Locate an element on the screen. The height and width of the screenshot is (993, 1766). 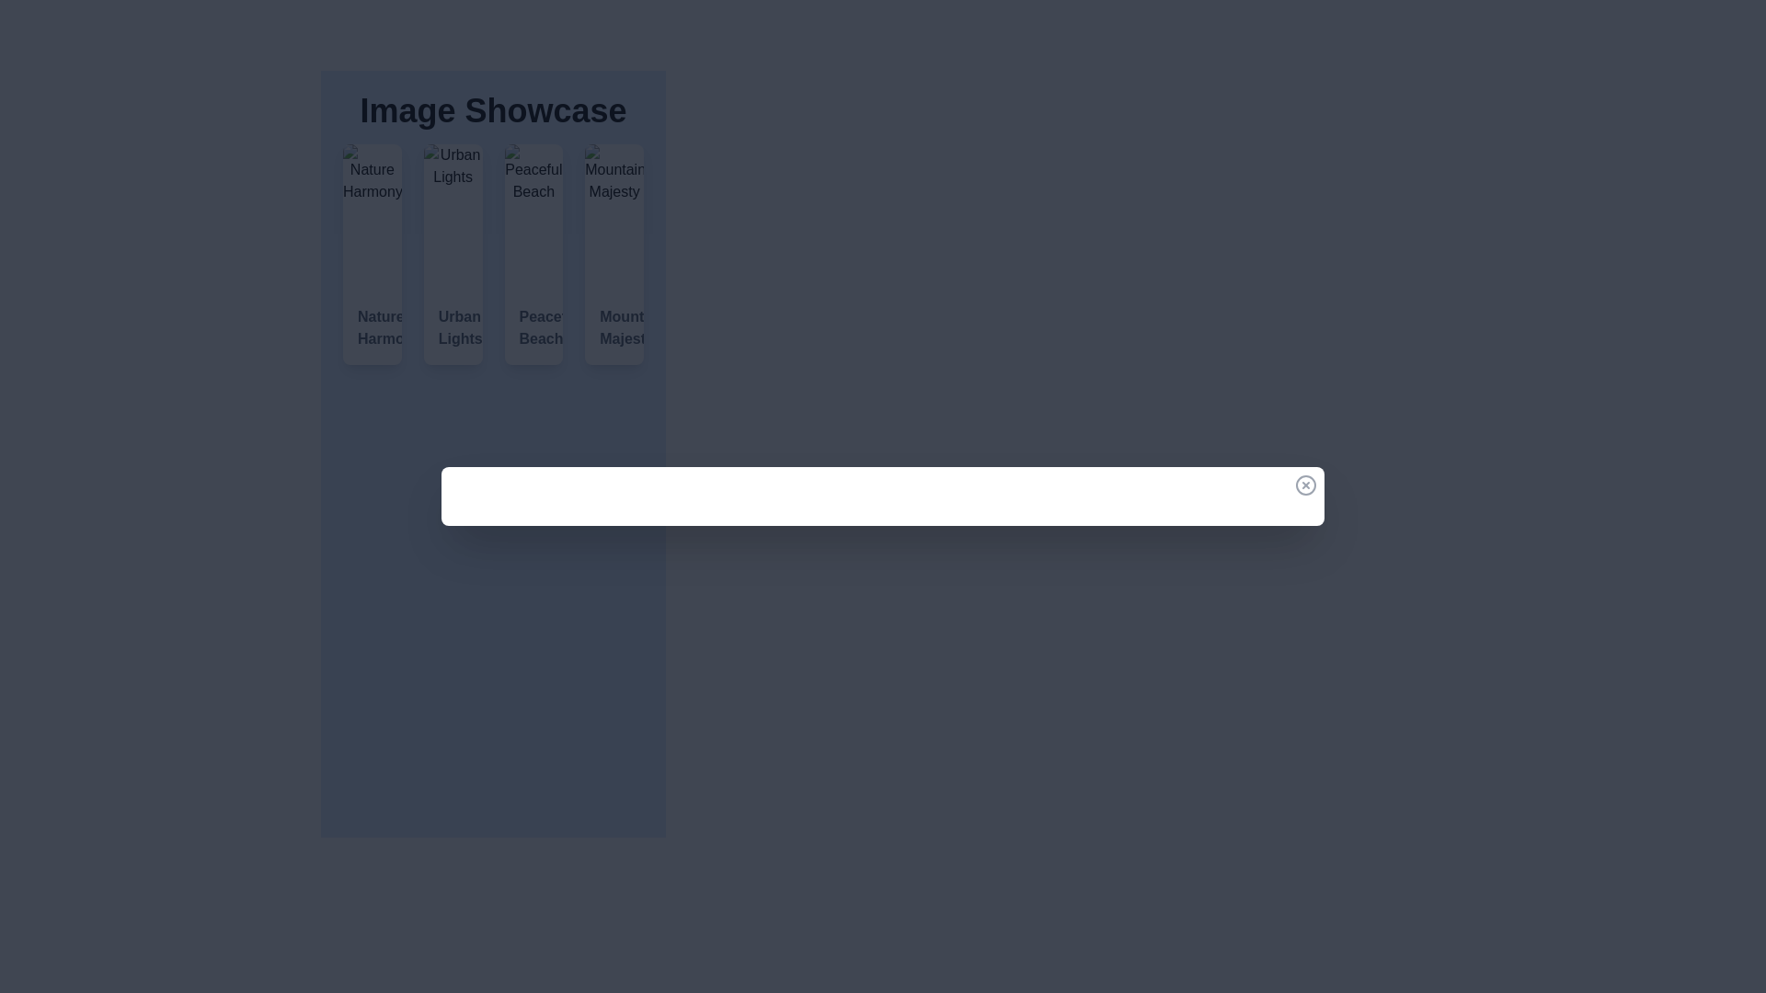
text label located at the bottom of the leftmost card in the gallery, which identifies the theme as 'Nature Harmony' is located at coordinates (371, 327).